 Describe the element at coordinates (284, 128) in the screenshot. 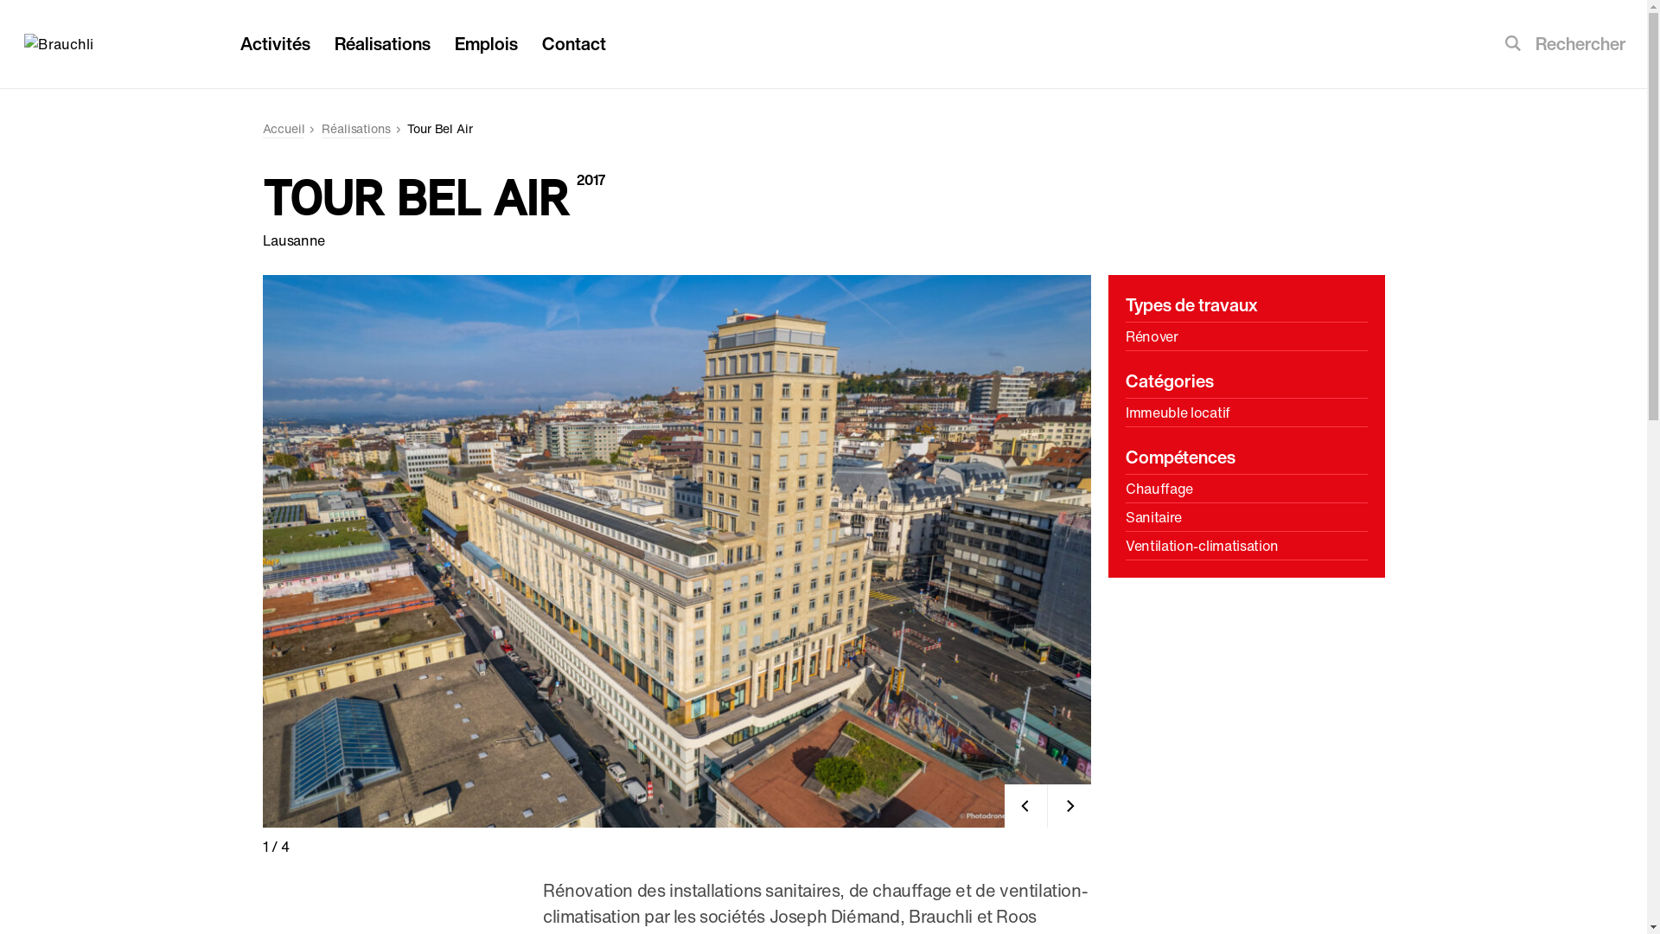

I see `'Accueil'` at that location.